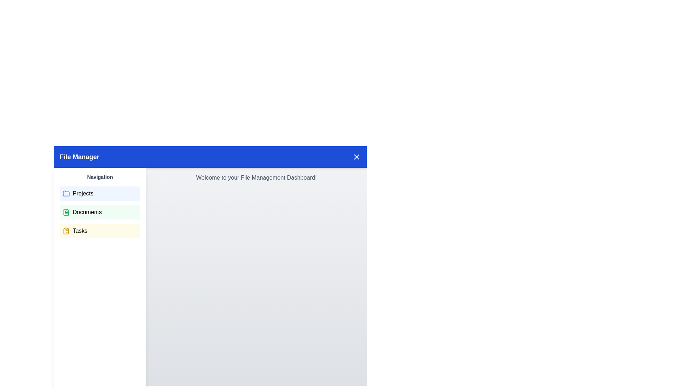 This screenshot has width=691, height=388. Describe the element at coordinates (66, 193) in the screenshot. I see `the blue folder icon located to the left of the 'Projects' label in the 'Navigation' section of the sidebar` at that location.